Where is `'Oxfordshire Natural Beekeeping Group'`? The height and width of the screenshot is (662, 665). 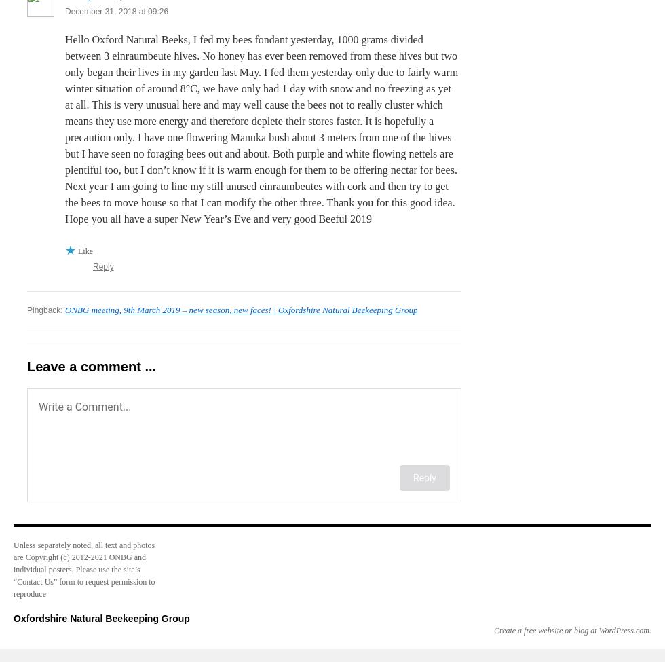
'Oxfordshire Natural Beekeeping Group' is located at coordinates (101, 618).